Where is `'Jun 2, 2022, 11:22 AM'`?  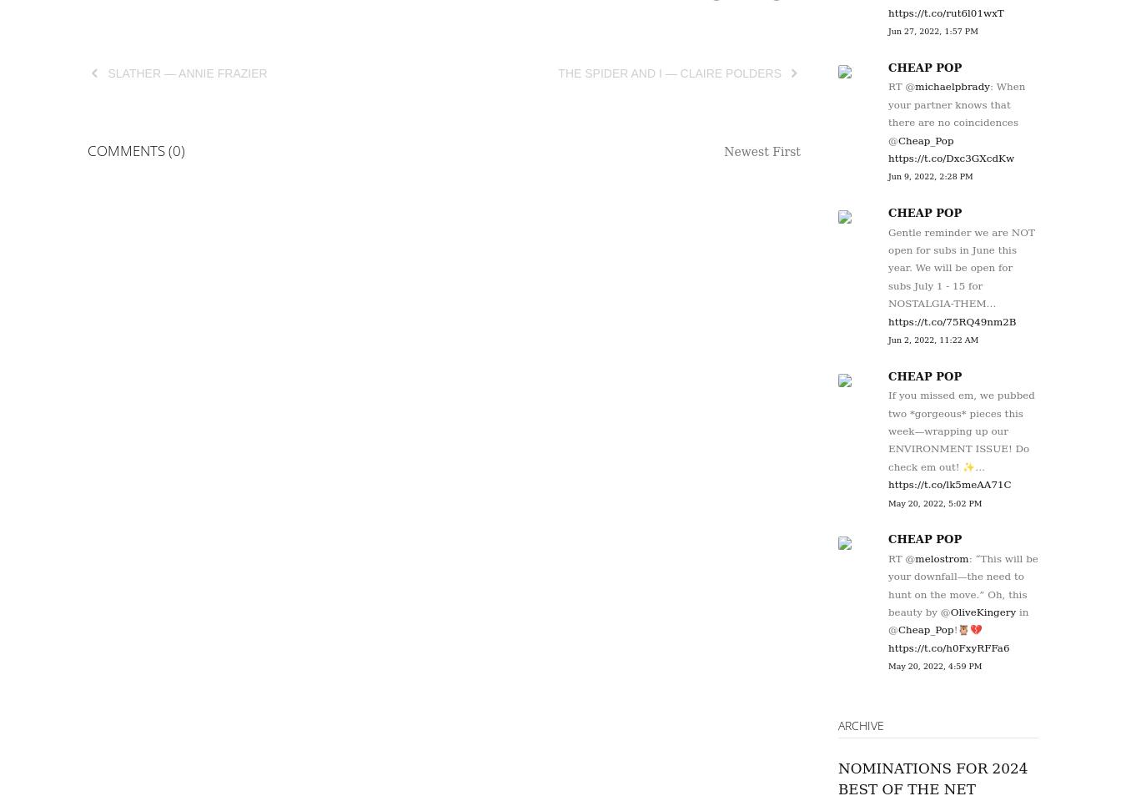 'Jun 2, 2022, 11:22 AM' is located at coordinates (933, 339).